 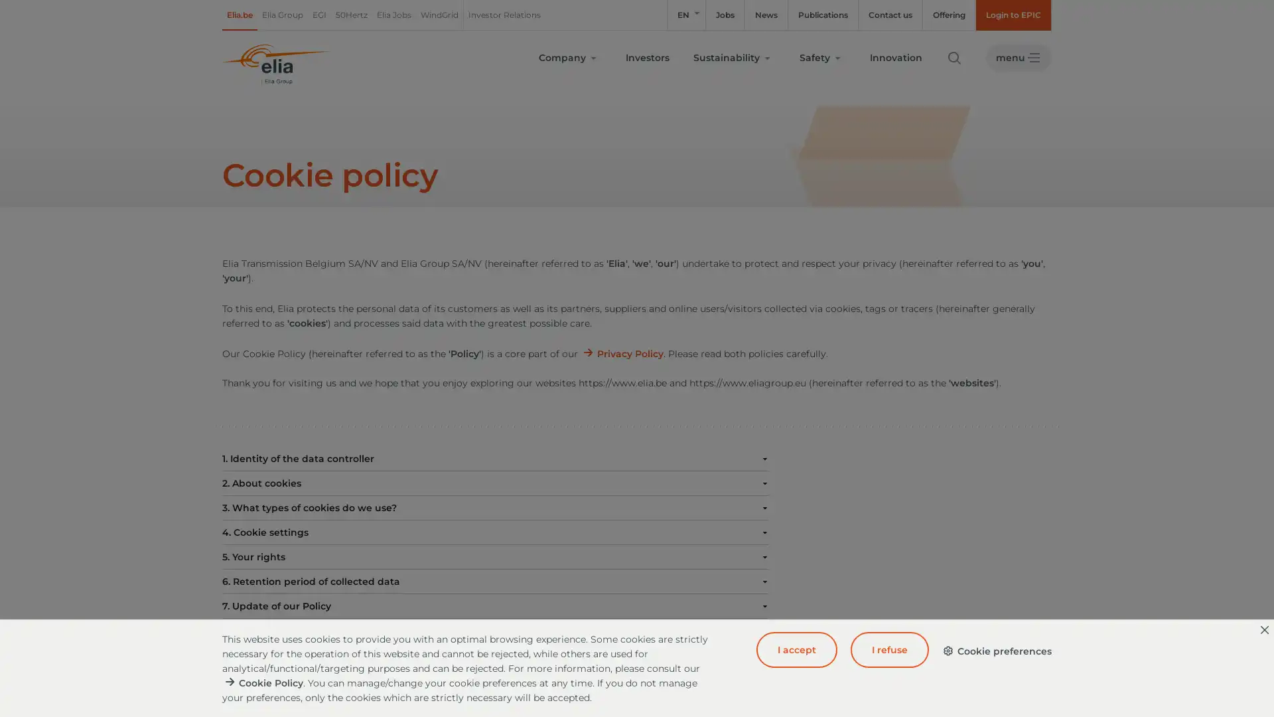 I want to click on menu, so click(x=1018, y=57).